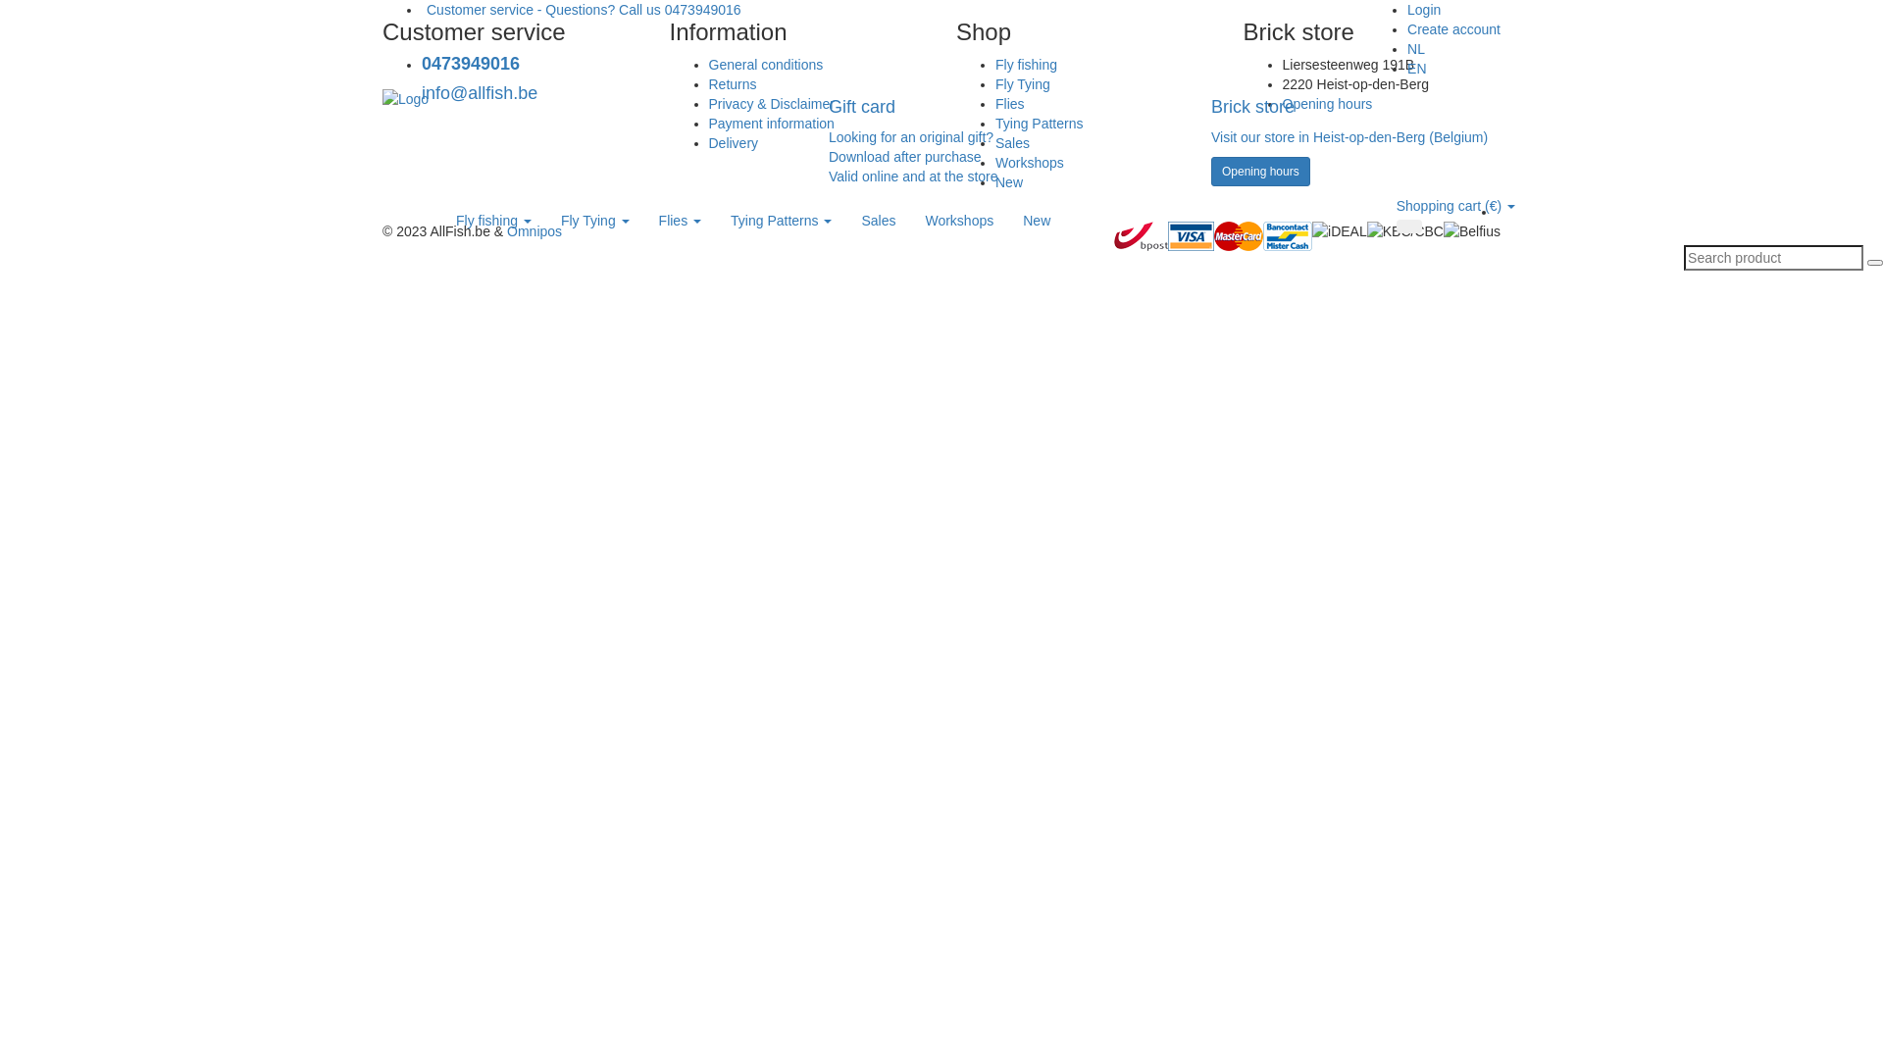  I want to click on 'General conditions', so click(706, 63).